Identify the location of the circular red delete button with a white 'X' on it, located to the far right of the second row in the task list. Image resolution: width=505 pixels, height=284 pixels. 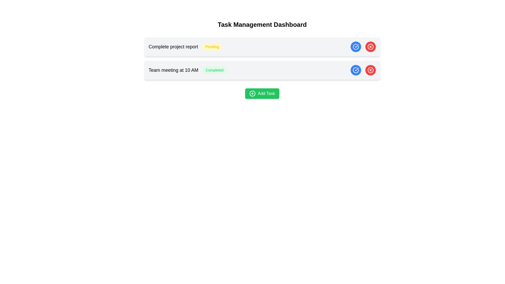
(370, 46).